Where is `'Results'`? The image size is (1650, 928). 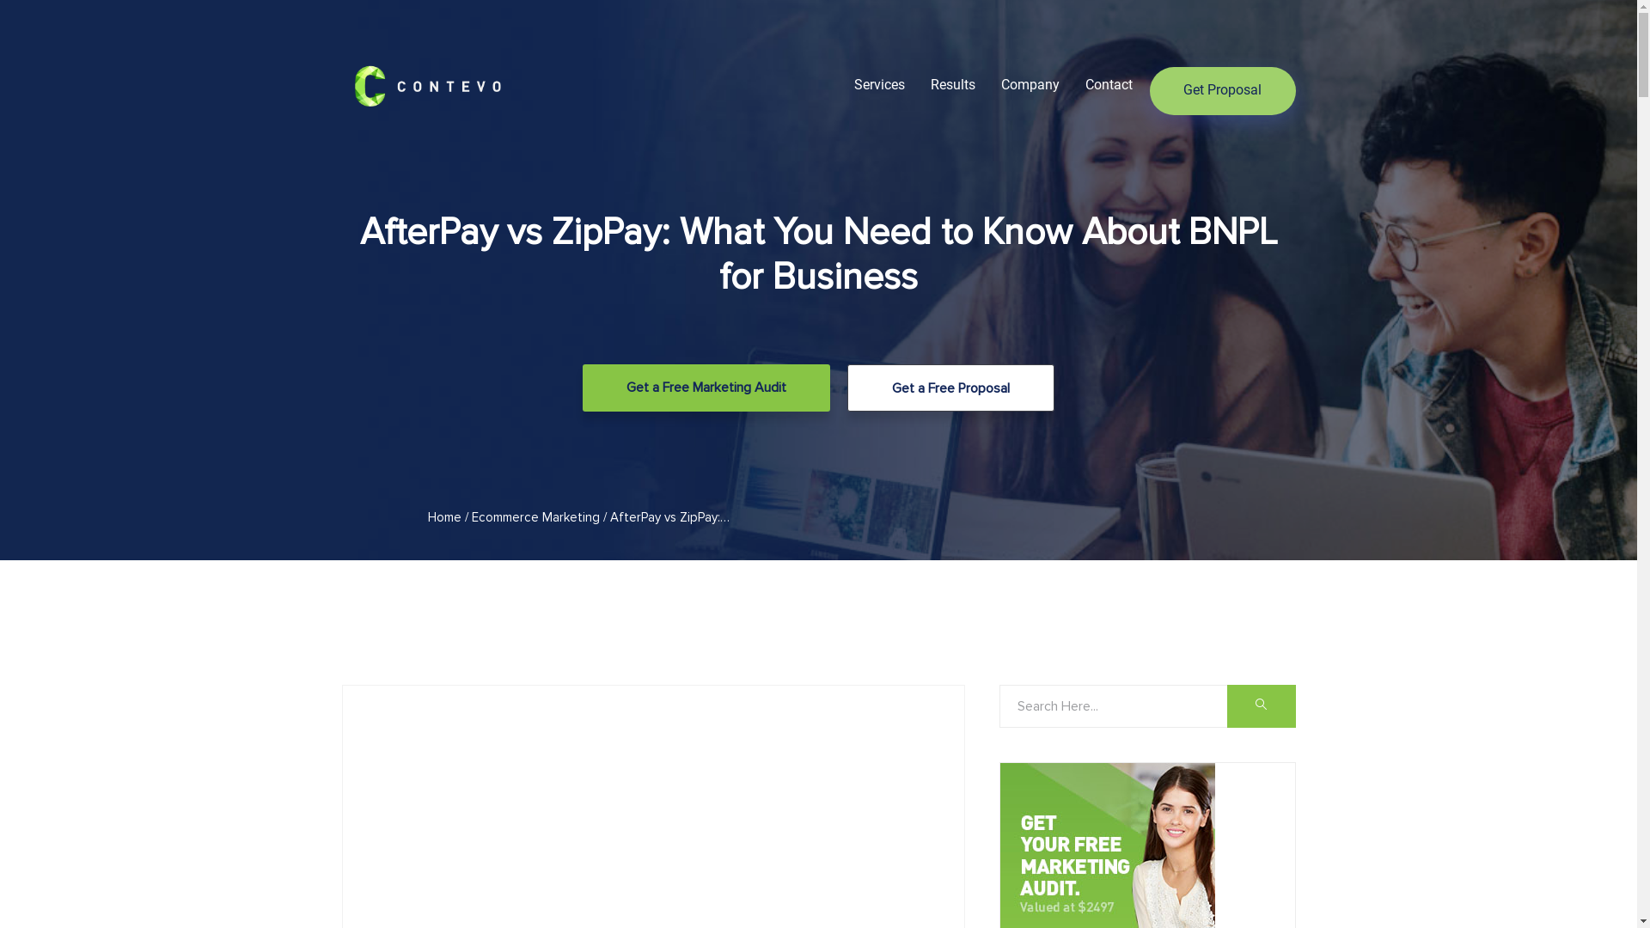 'Results' is located at coordinates (951, 84).